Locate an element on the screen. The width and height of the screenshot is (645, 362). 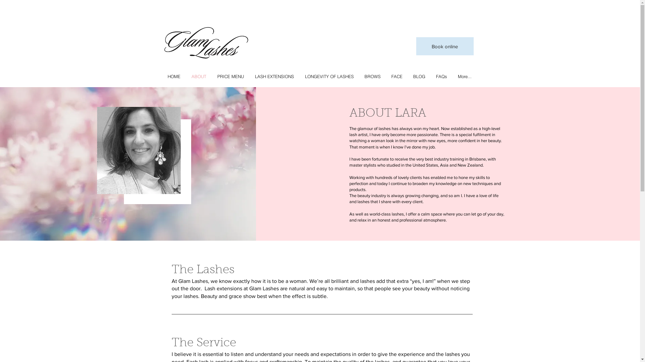
'PRICE MENU' is located at coordinates (211, 76).